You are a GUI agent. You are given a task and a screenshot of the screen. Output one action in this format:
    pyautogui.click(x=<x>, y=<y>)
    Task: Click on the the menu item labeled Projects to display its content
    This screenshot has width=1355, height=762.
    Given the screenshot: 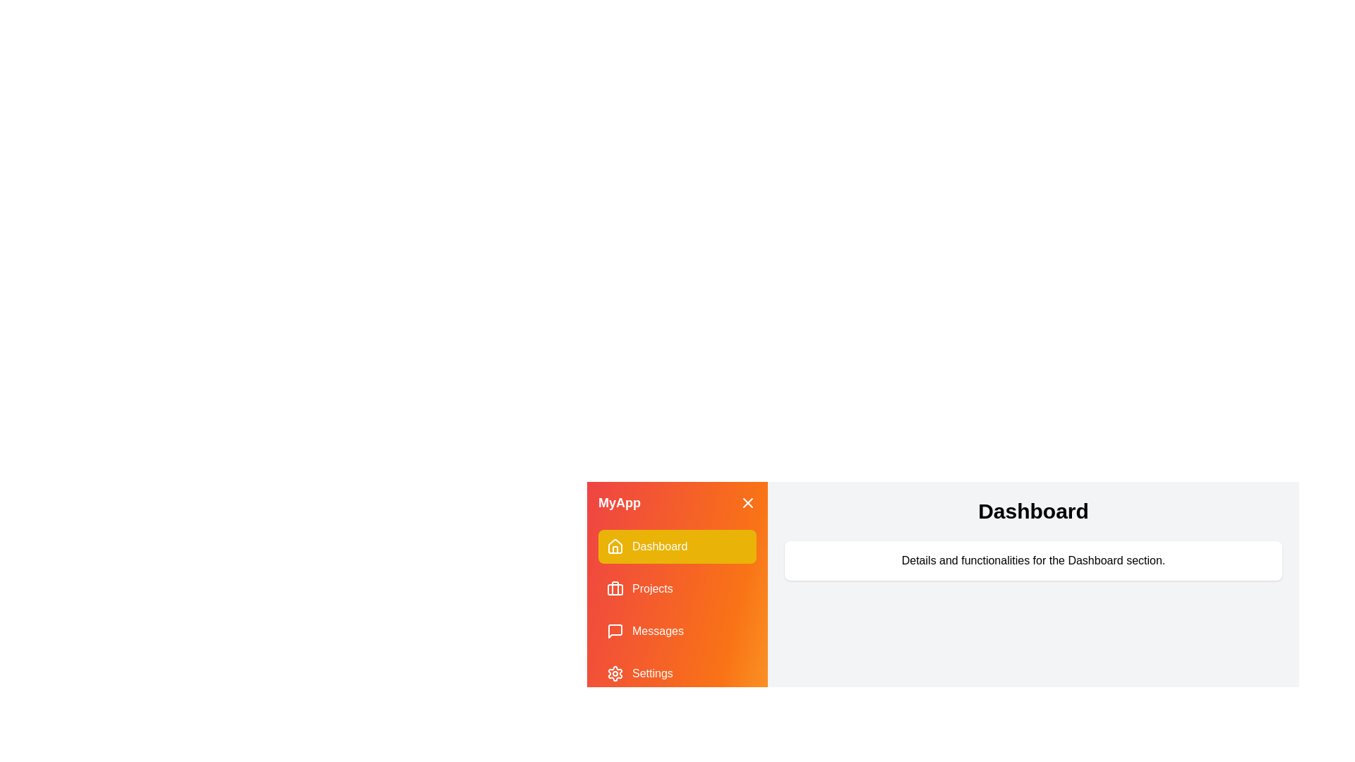 What is the action you would take?
    pyautogui.click(x=677, y=588)
    